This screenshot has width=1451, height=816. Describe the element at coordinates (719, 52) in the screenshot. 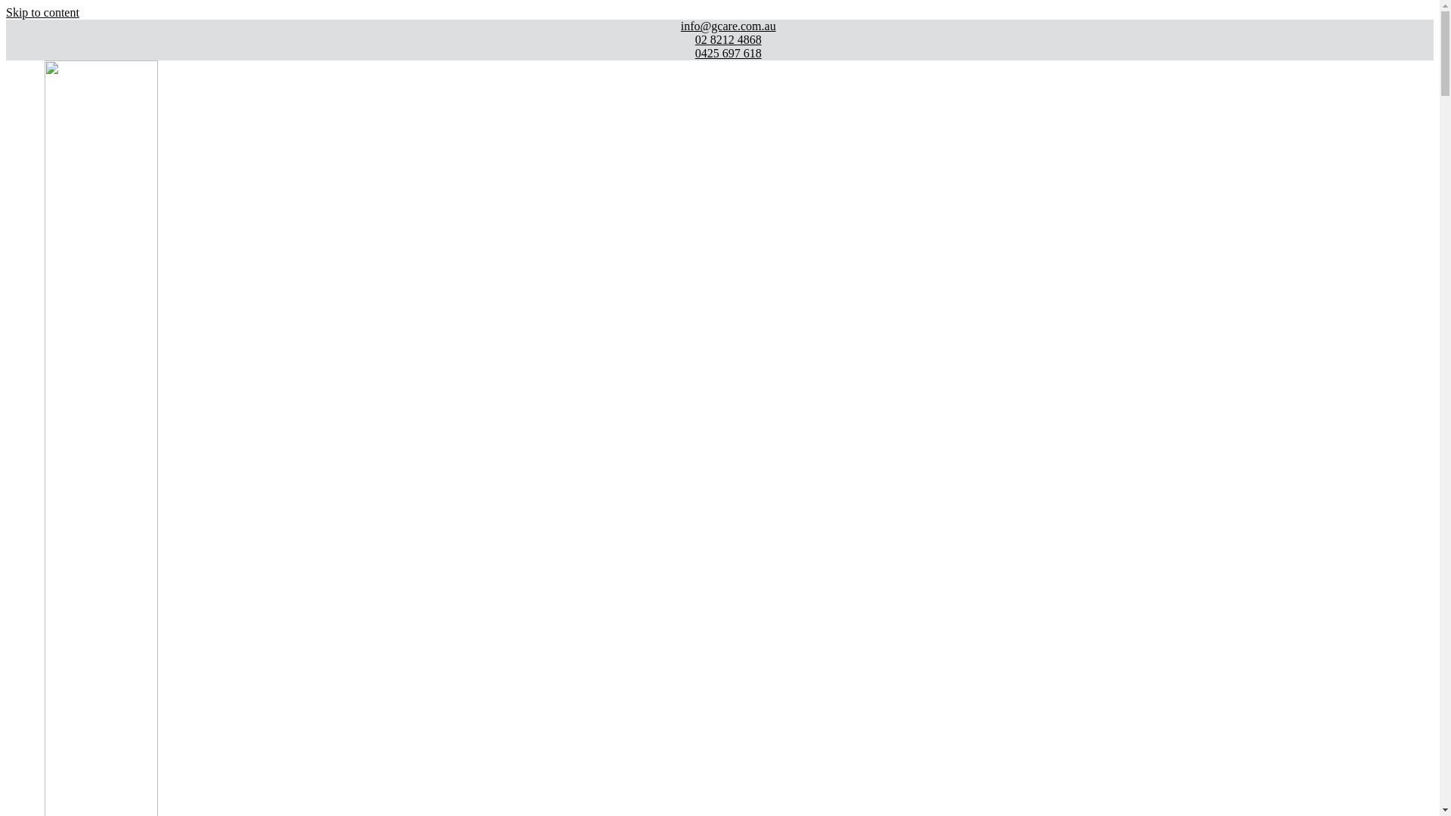

I see `'0425 697 618'` at that location.